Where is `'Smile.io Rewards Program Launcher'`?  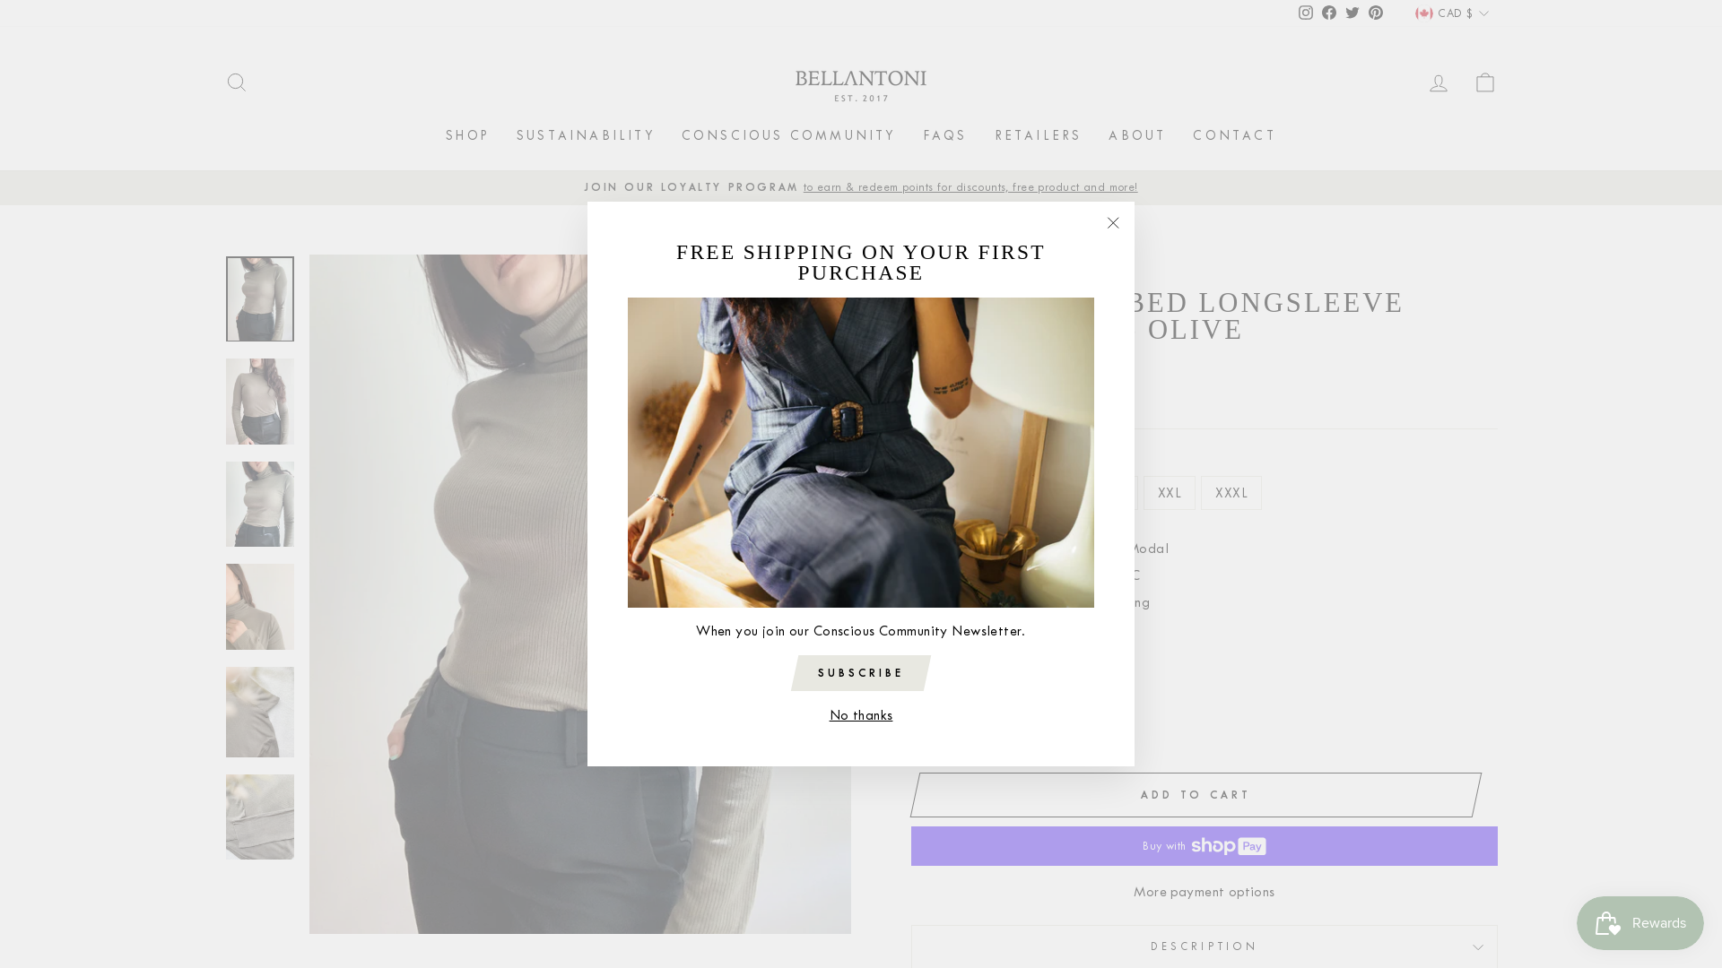
'Smile.io Rewards Program Launcher' is located at coordinates (1575, 922).